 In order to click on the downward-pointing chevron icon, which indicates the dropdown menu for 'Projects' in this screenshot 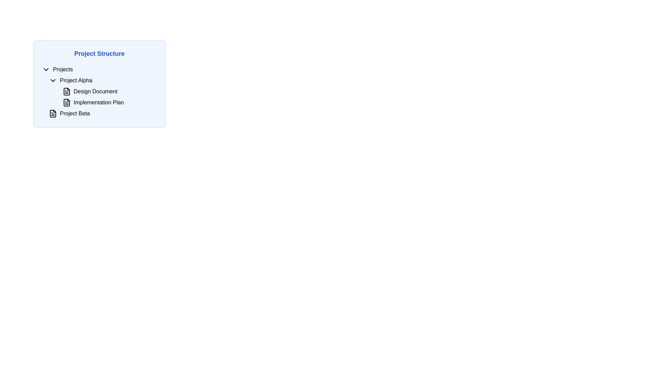, I will do `click(46, 69)`.